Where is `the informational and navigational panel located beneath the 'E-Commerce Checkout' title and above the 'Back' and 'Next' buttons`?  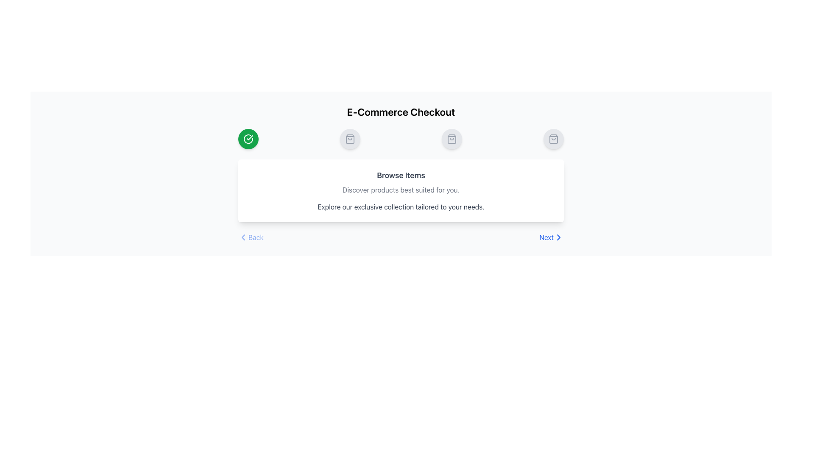 the informational and navigational panel located beneath the 'E-Commerce Checkout' title and above the 'Back' and 'Next' buttons is located at coordinates (400, 173).